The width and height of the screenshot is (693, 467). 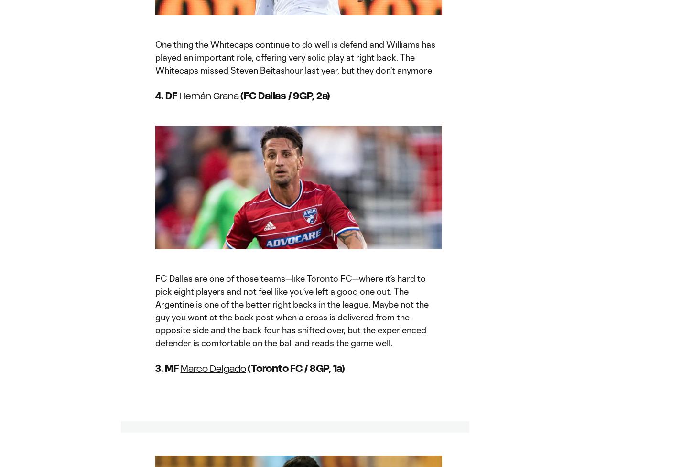 I want to click on '4. DF', so click(x=167, y=95).